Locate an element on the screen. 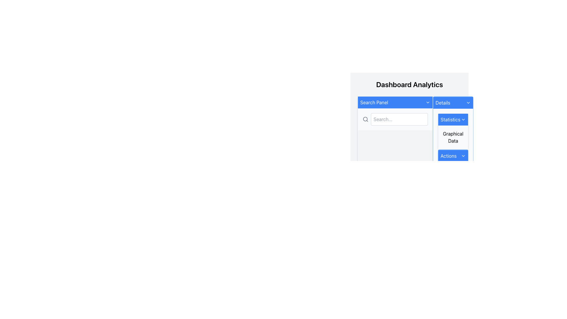 This screenshot has height=319, width=567. the downward-pointing arrow icon in the 'Actions' section, which is located to the right of the text 'Actions' in the blue rectangular button at the bottom of the 'Details' dropdown menu is located at coordinates (463, 156).